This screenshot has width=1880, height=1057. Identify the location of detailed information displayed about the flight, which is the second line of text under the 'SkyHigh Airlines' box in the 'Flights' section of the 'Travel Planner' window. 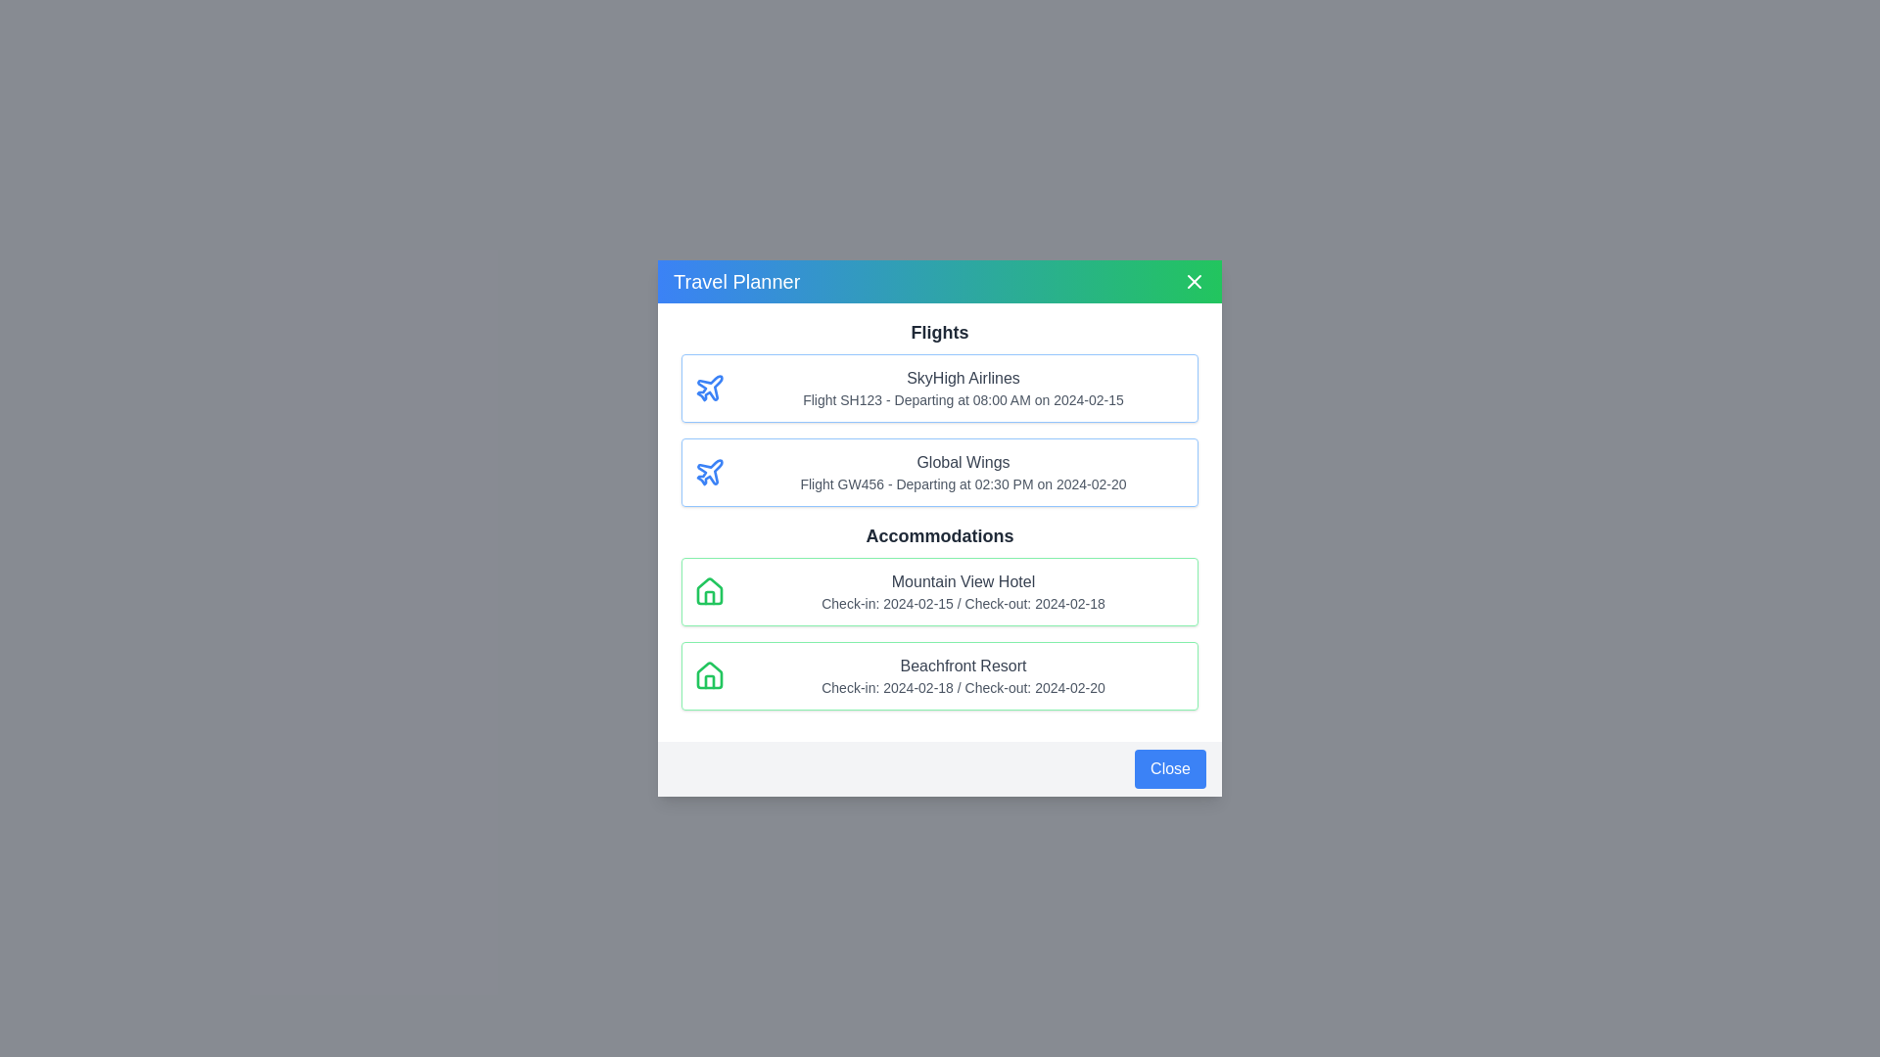
(963, 398).